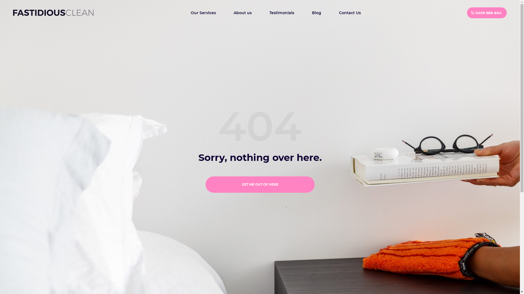  I want to click on 'About us', so click(242, 12).